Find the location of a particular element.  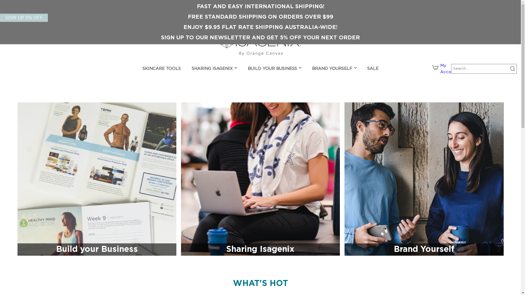

'SALE' is located at coordinates (372, 69).